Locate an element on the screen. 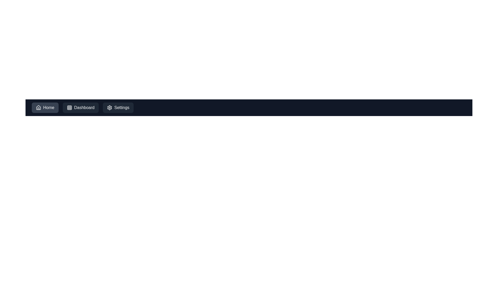 Image resolution: width=500 pixels, height=281 pixels. the clickable text label that navigates to the dashboard section, which is centrally positioned between the 'Home' and 'Settings' navigation items is located at coordinates (84, 107).